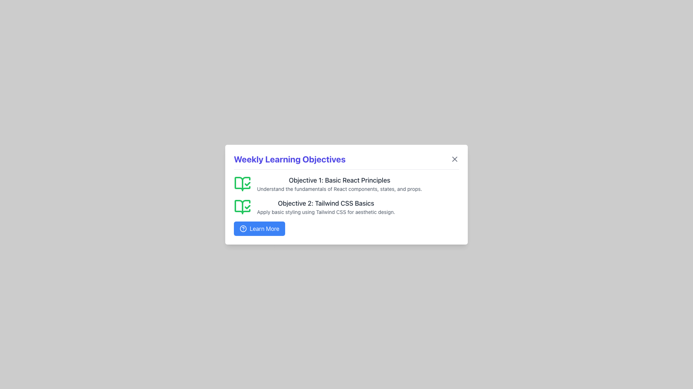 This screenshot has width=693, height=389. I want to click on the text heading that displays 'Objective 1: Basic React Principles', styled with a large and bold font, located near the top of a modal dialog, so click(339, 180).